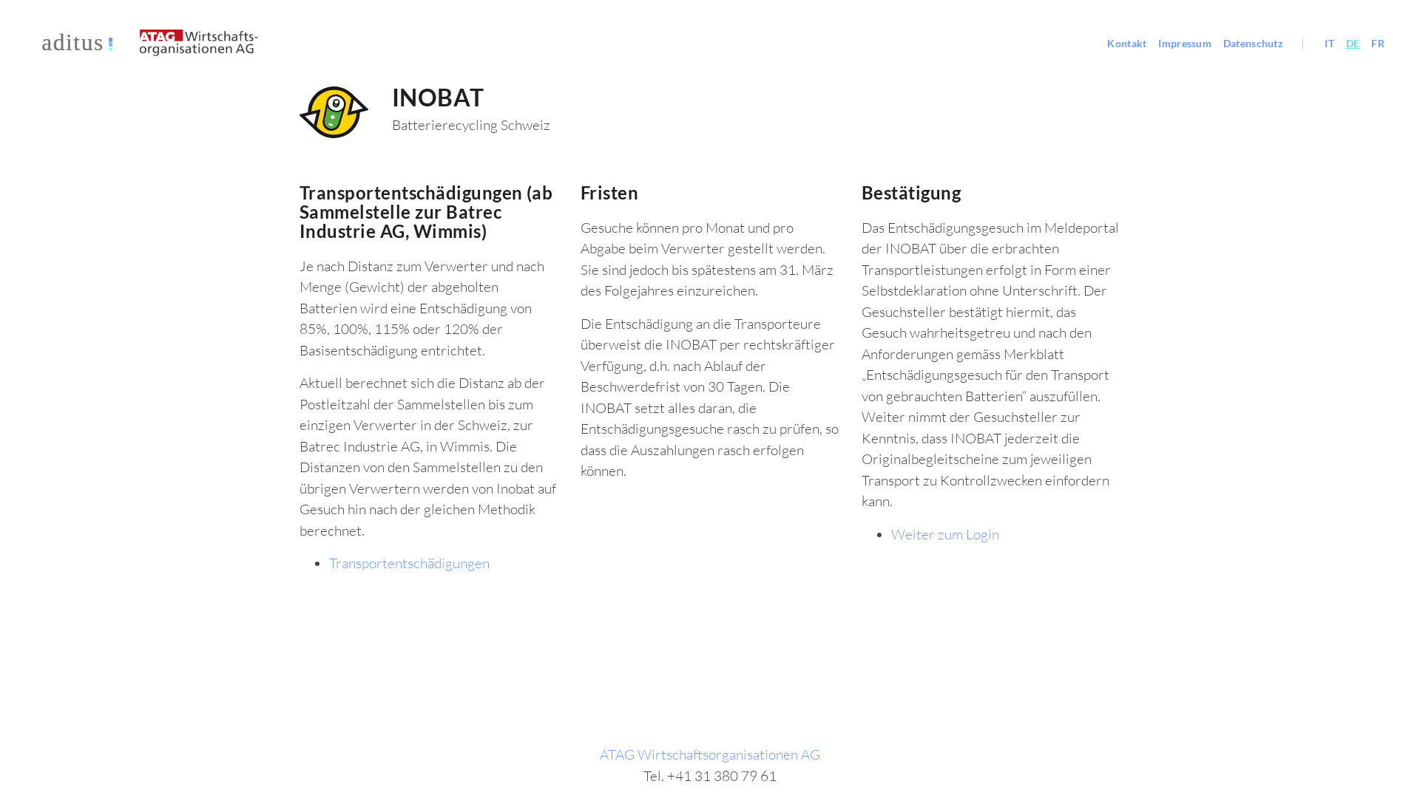 The image size is (1420, 798). Describe the element at coordinates (1376, 42) in the screenshot. I see `'FR'` at that location.